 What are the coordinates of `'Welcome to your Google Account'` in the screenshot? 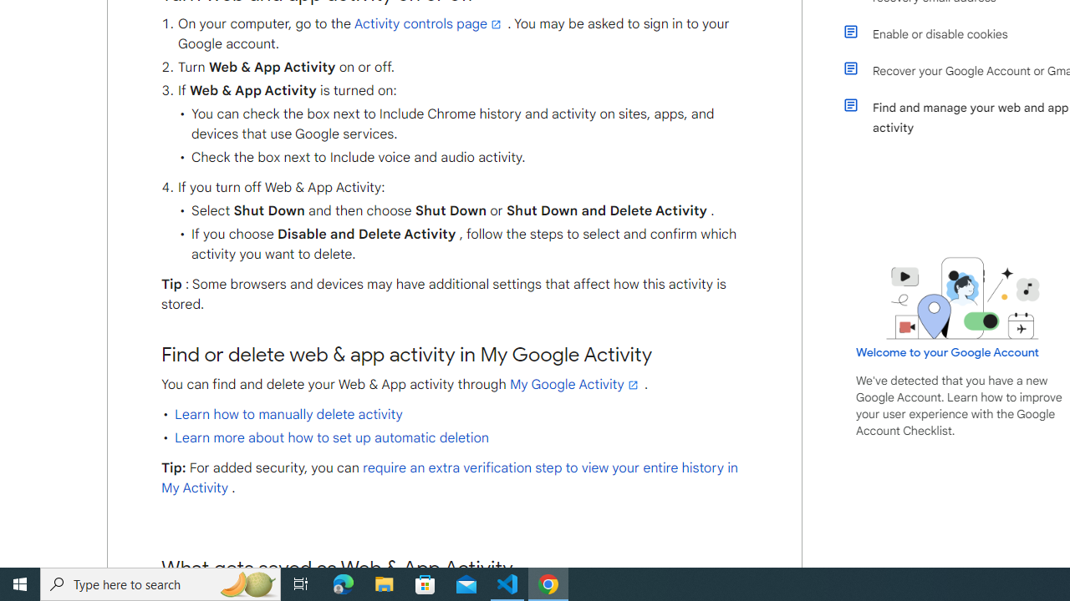 It's located at (948, 351).